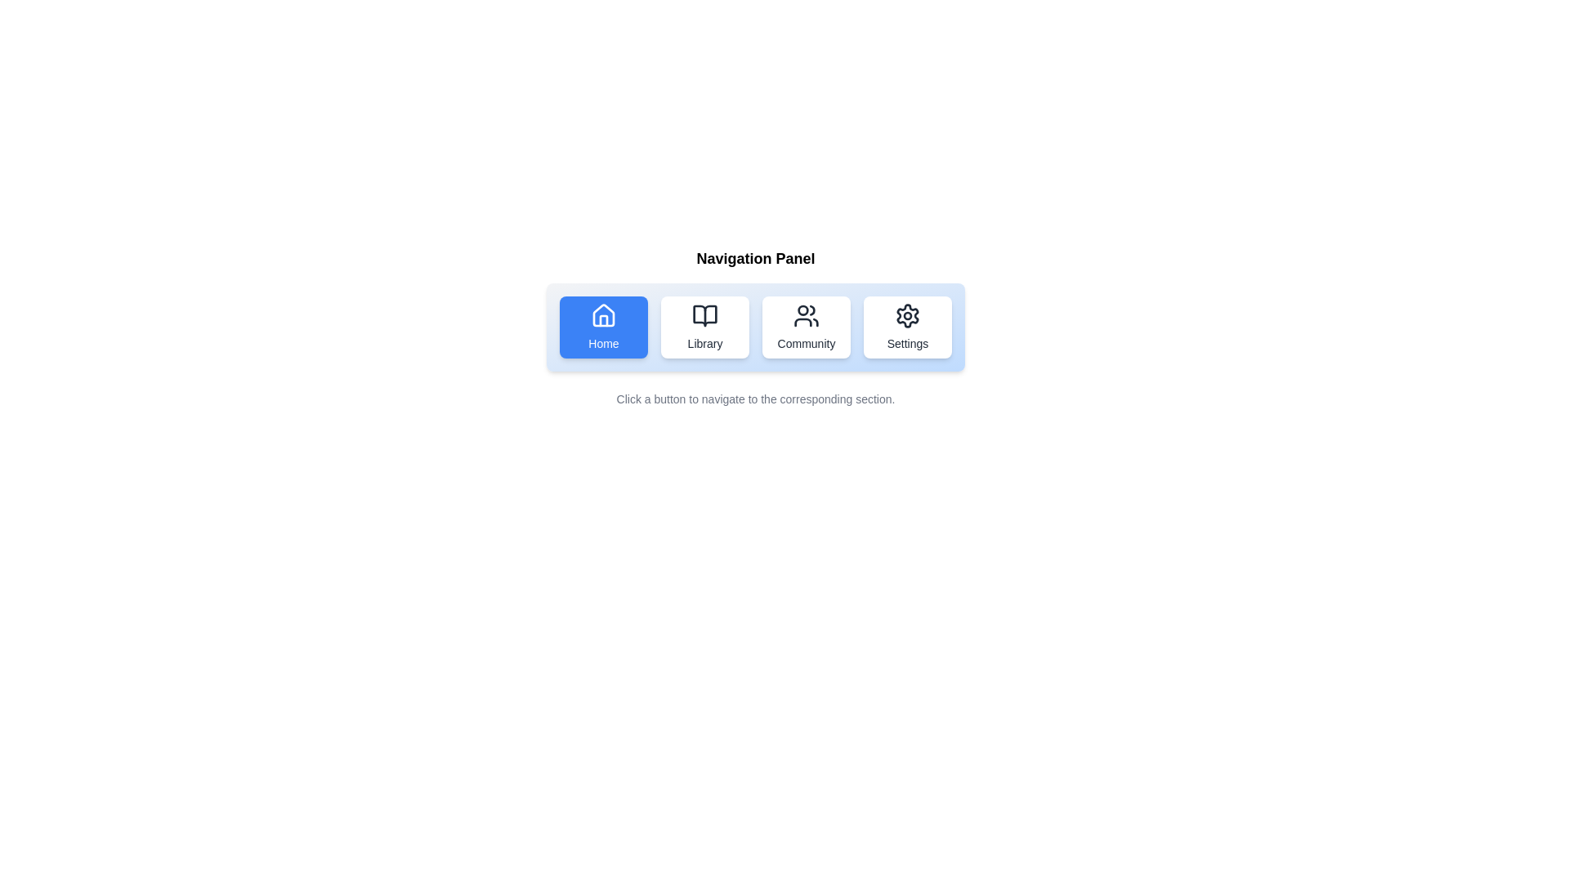 Image resolution: width=1569 pixels, height=882 pixels. Describe the element at coordinates (705, 315) in the screenshot. I see `the 'Library' button icon, which is the second button from the left in the navigation row, visually representing the library function` at that location.